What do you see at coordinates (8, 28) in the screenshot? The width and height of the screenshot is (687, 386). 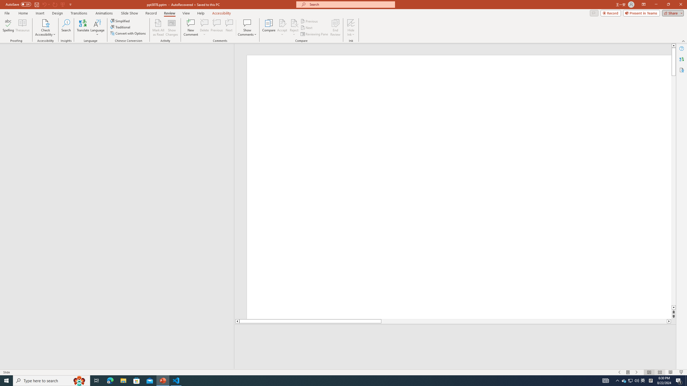 I see `'Spelling...'` at bounding box center [8, 28].